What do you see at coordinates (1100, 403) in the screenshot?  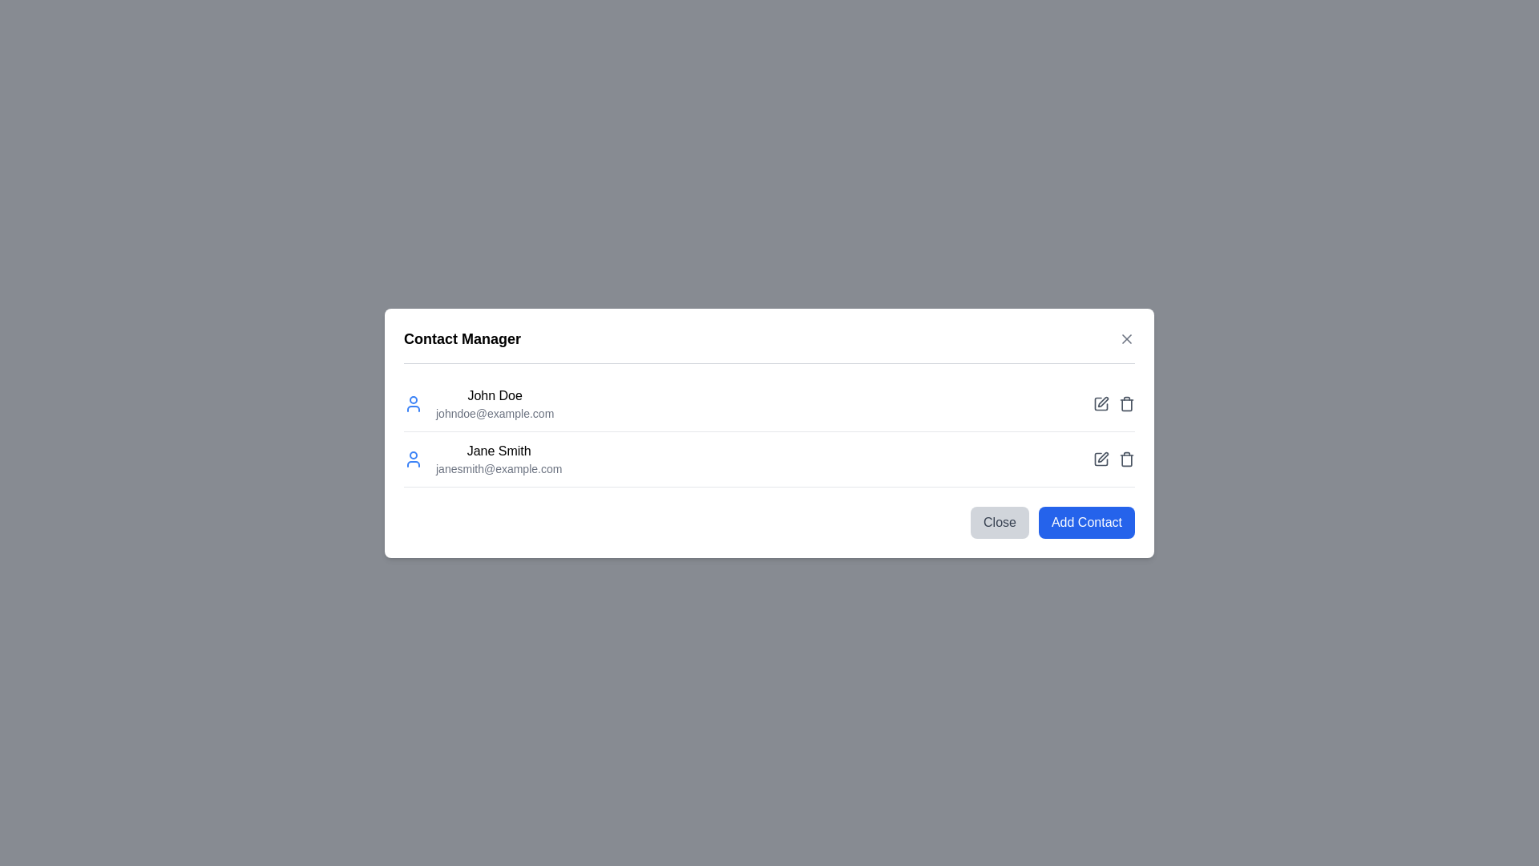 I see `the 'Edit' button located to the right of 'John Doe' and 'johndoe@example.com' in the first row of actions in the 'Contact Manager' interface to modify the associated contact information` at bounding box center [1100, 403].